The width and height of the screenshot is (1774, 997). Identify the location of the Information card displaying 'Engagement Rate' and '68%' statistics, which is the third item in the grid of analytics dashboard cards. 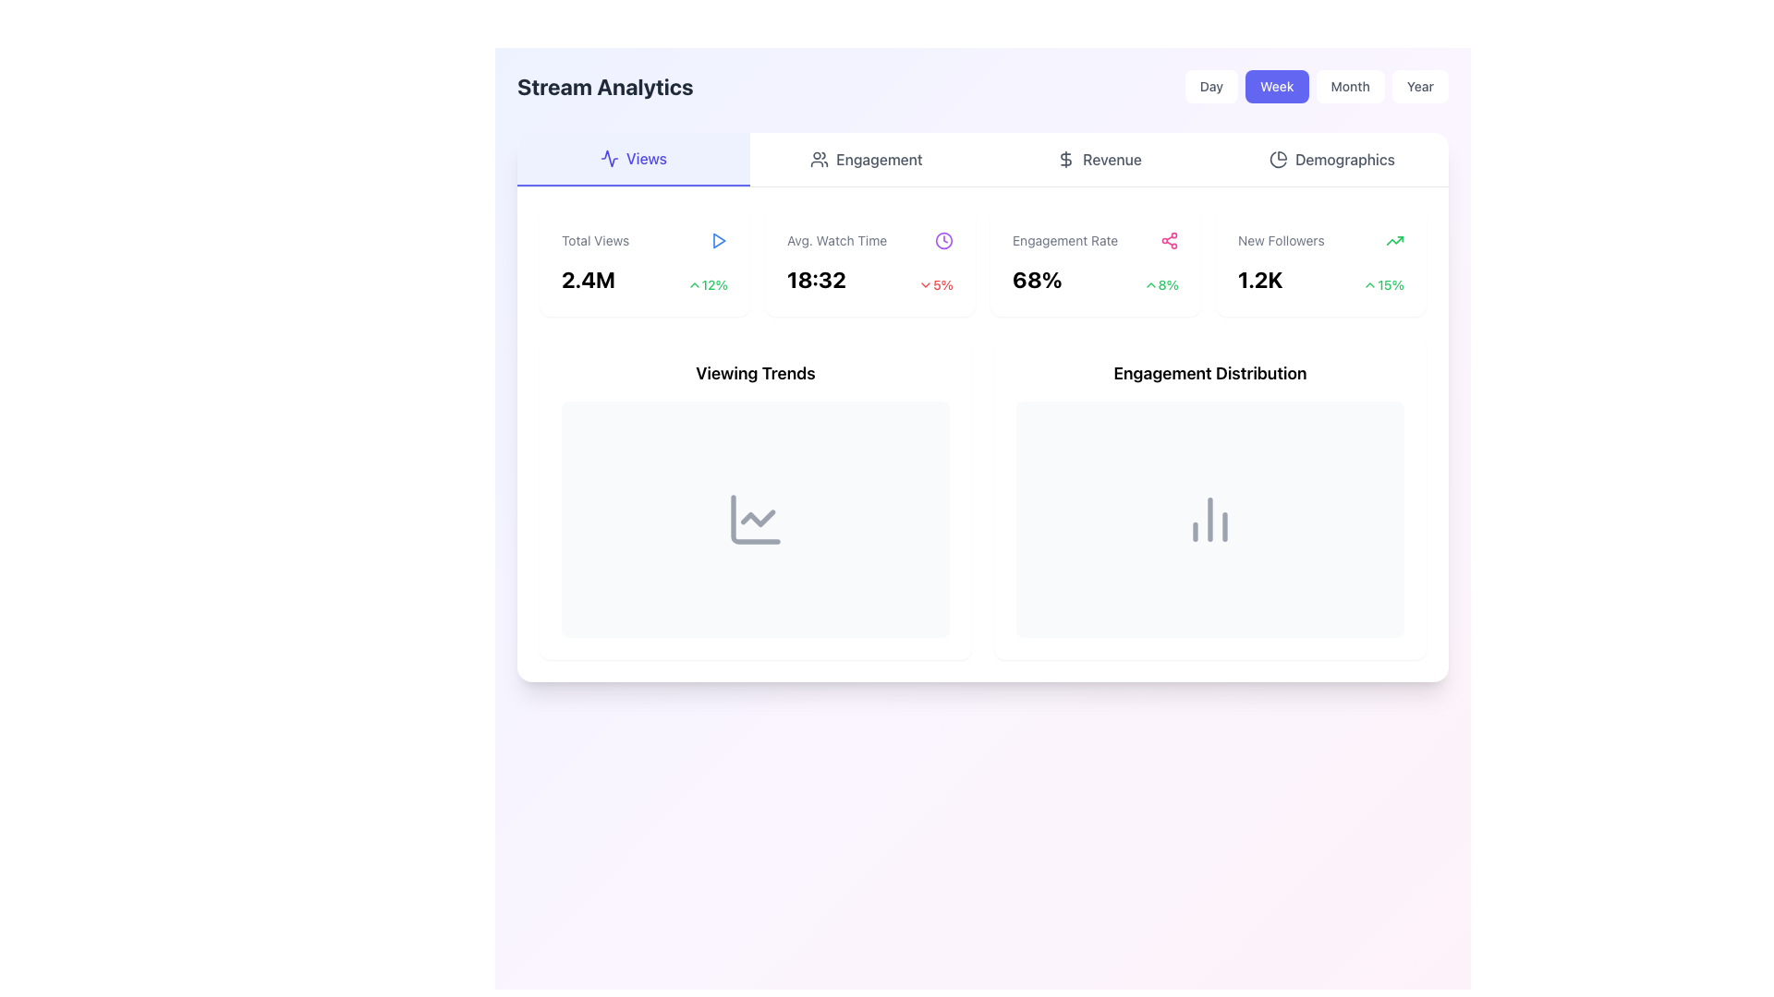
(982, 263).